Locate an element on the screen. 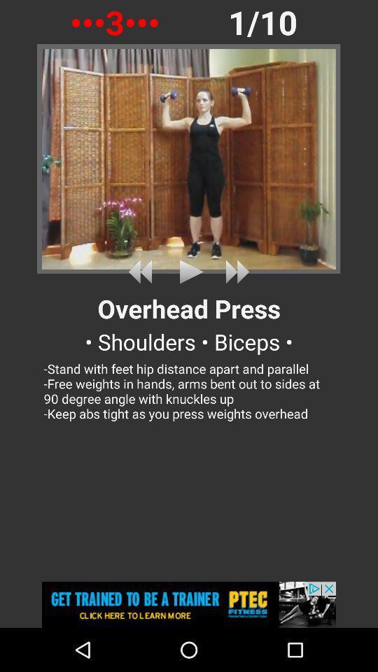 The width and height of the screenshot is (378, 672). go back is located at coordinates (142, 271).